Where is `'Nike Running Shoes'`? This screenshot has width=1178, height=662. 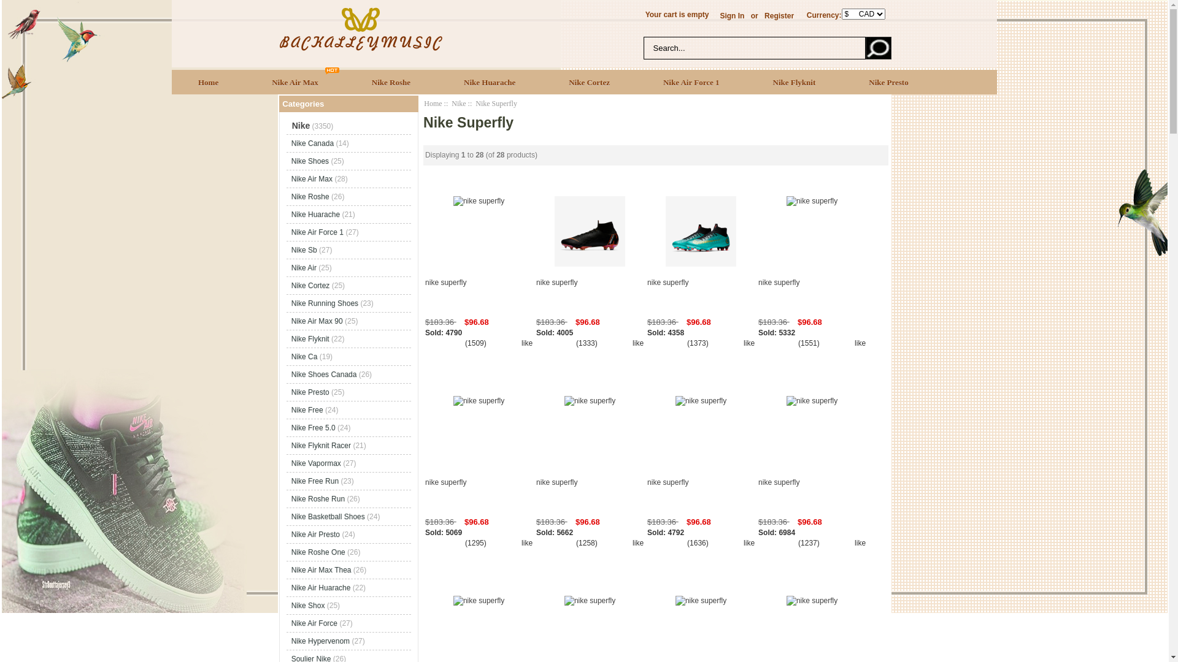
'Nike Running Shoes' is located at coordinates (325, 303).